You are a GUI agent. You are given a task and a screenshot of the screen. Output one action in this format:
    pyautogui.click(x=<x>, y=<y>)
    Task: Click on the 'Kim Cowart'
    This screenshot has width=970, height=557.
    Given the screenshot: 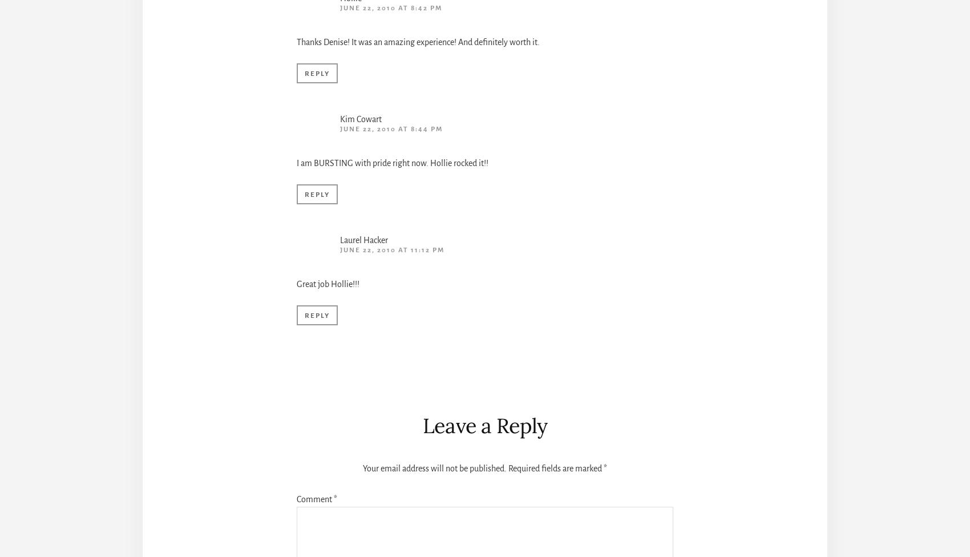 What is the action you would take?
    pyautogui.click(x=339, y=118)
    